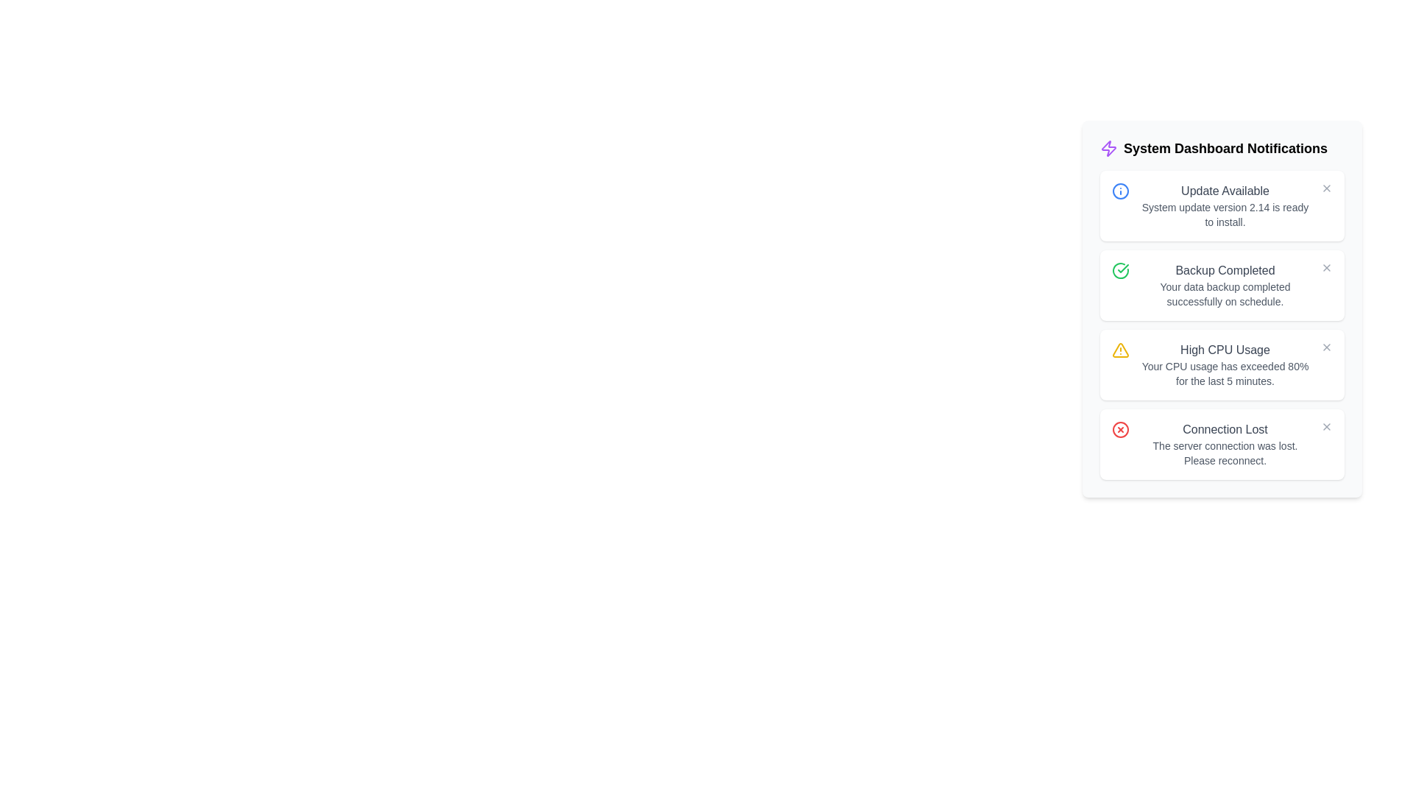 The height and width of the screenshot is (795, 1413). What do you see at coordinates (1225, 286) in the screenshot?
I see `the static textual notification label that indicates 'Backup Completed' with the description 'Your data backup completed successfully on schedule.'` at bounding box center [1225, 286].